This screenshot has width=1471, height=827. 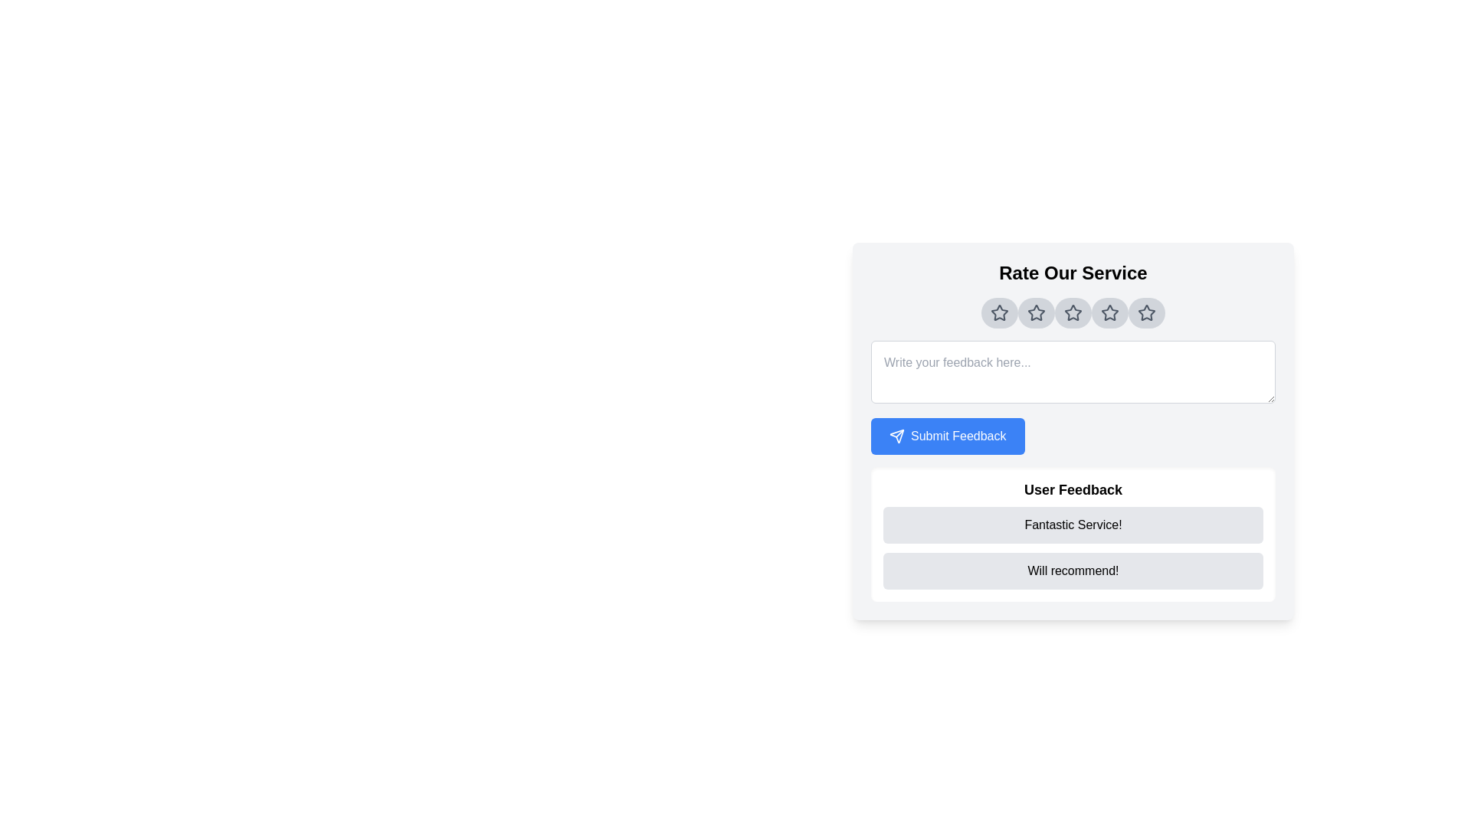 I want to click on the second star button in the rating interface, so click(x=1037, y=312).